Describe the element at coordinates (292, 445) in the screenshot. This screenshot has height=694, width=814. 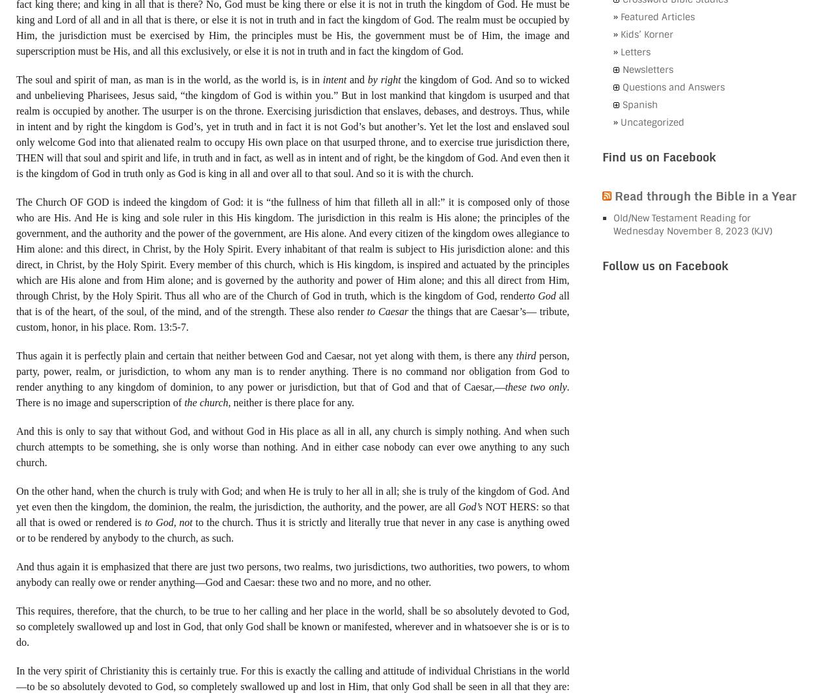
I see `'And this is only to say that without God, and without God in His place as all in all, any church is simply nothing. And when such church attempts to be something, she is only worse than nothing. And in either case nobody can ever owe anything to any such church.'` at that location.